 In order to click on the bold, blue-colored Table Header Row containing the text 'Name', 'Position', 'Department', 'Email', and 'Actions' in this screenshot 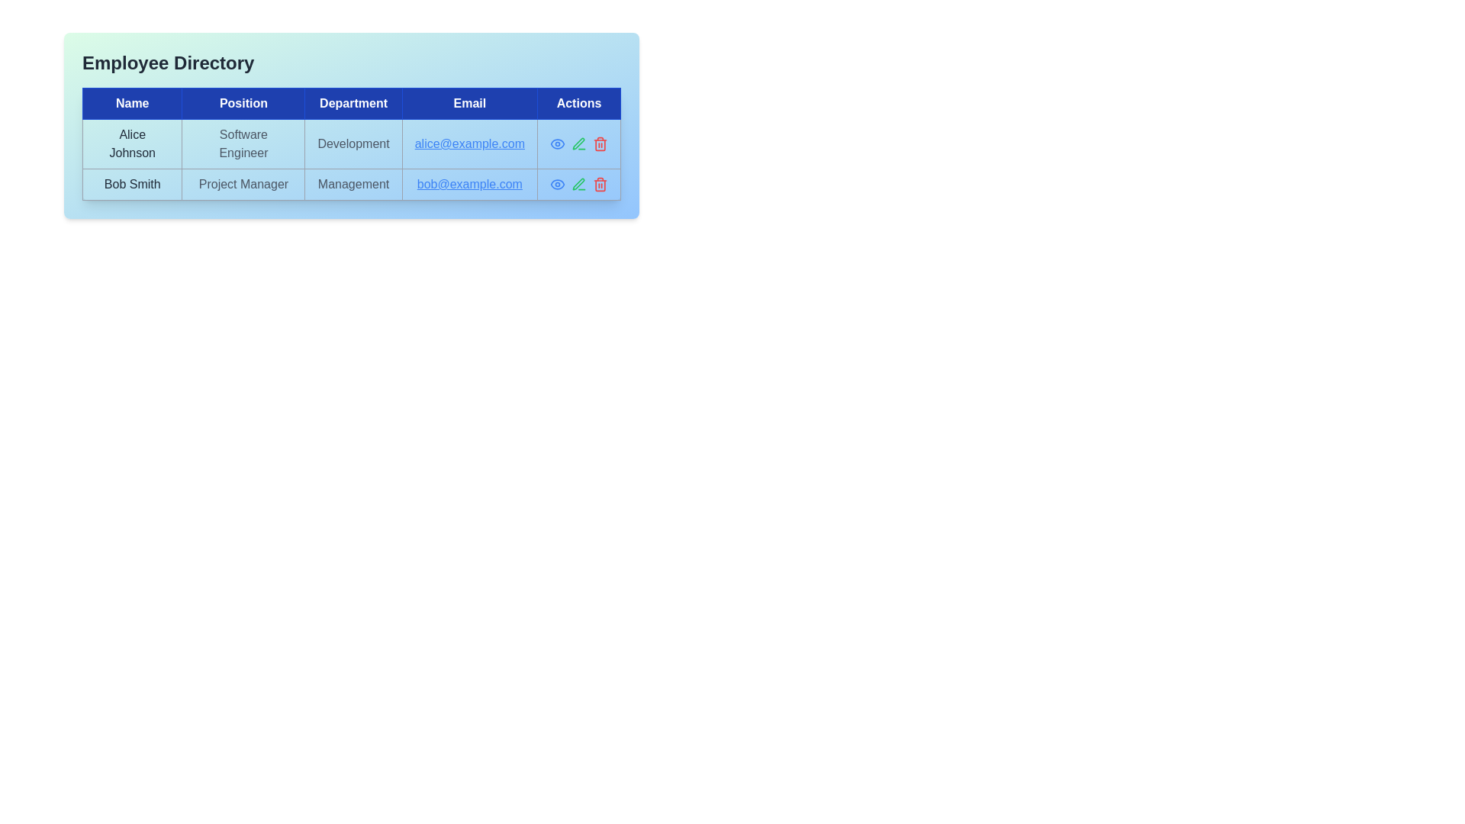, I will do `click(350, 103)`.